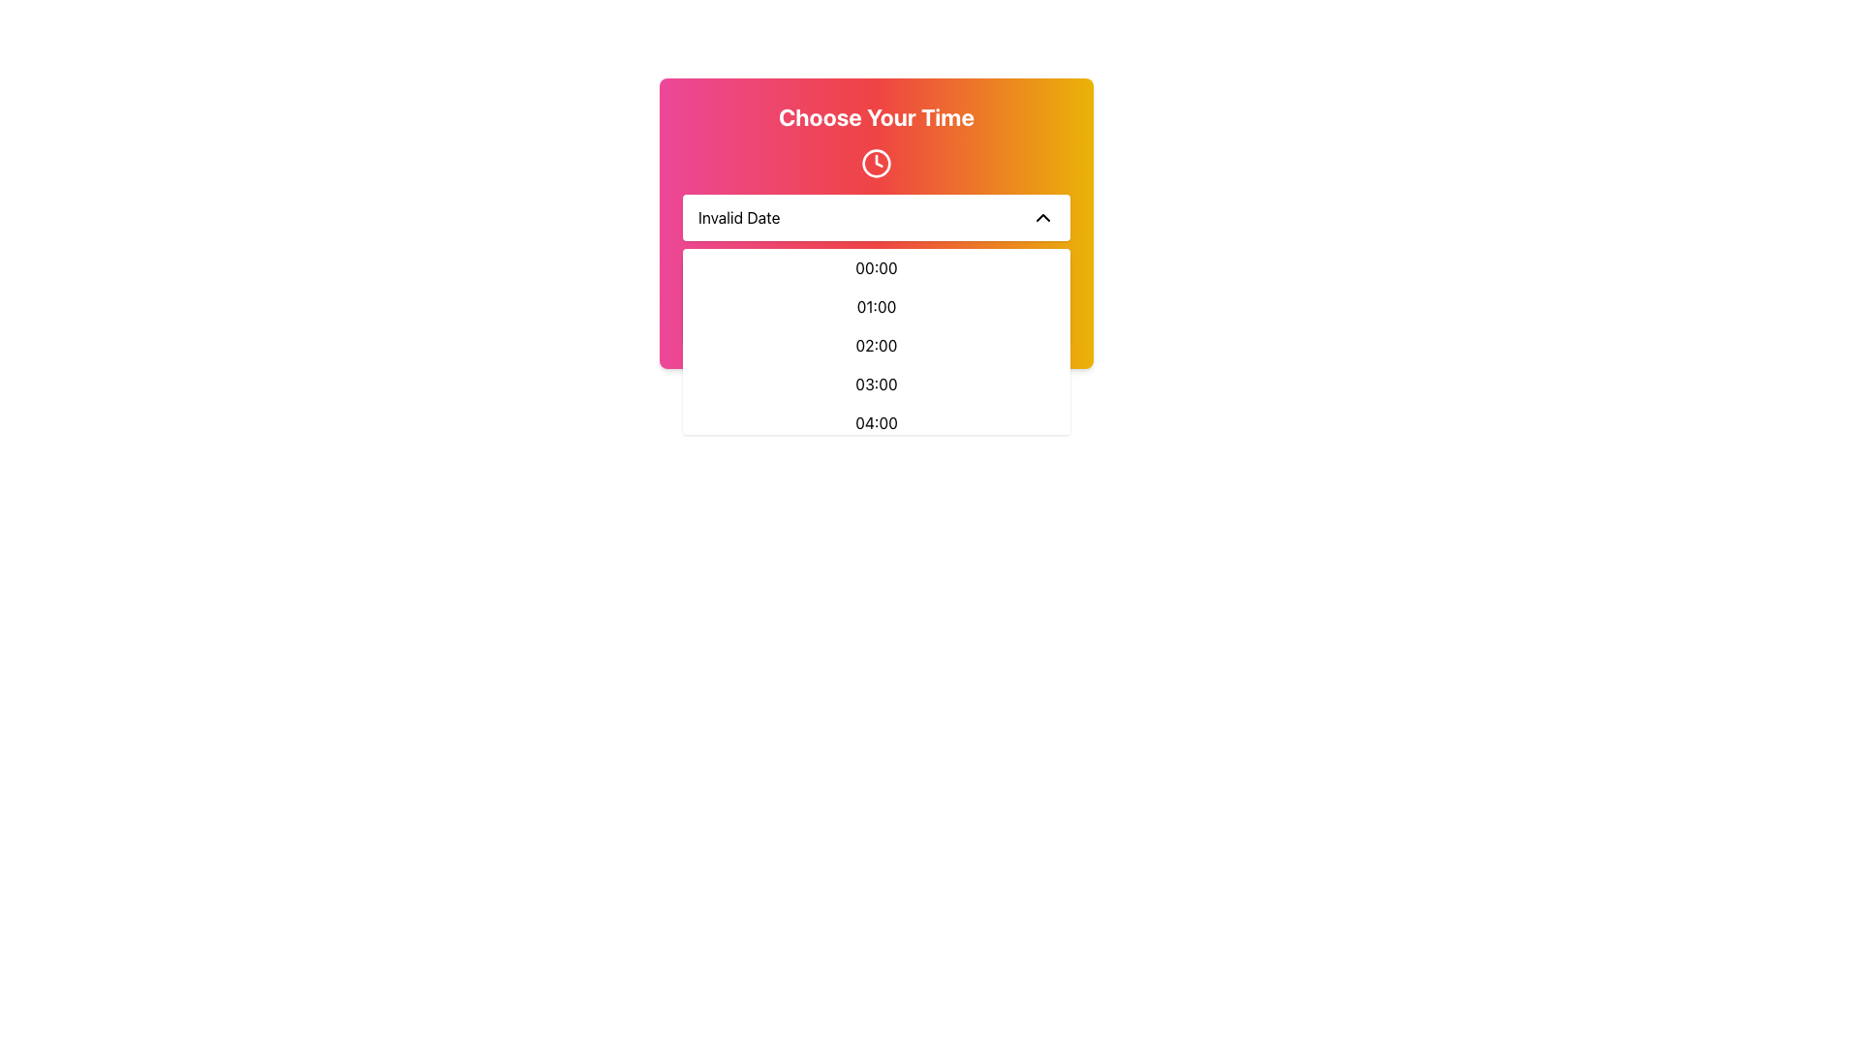 The image size is (1860, 1046). What do you see at coordinates (876, 284) in the screenshot?
I see `the SVG graphic that signifies the selected time option in the dropdown list for '00:00'` at bounding box center [876, 284].